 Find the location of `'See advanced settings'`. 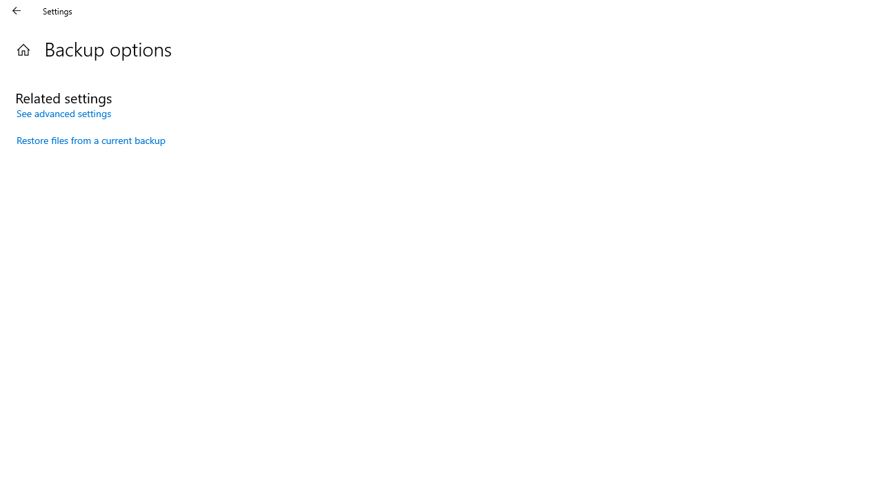

'See advanced settings' is located at coordinates (63, 112).